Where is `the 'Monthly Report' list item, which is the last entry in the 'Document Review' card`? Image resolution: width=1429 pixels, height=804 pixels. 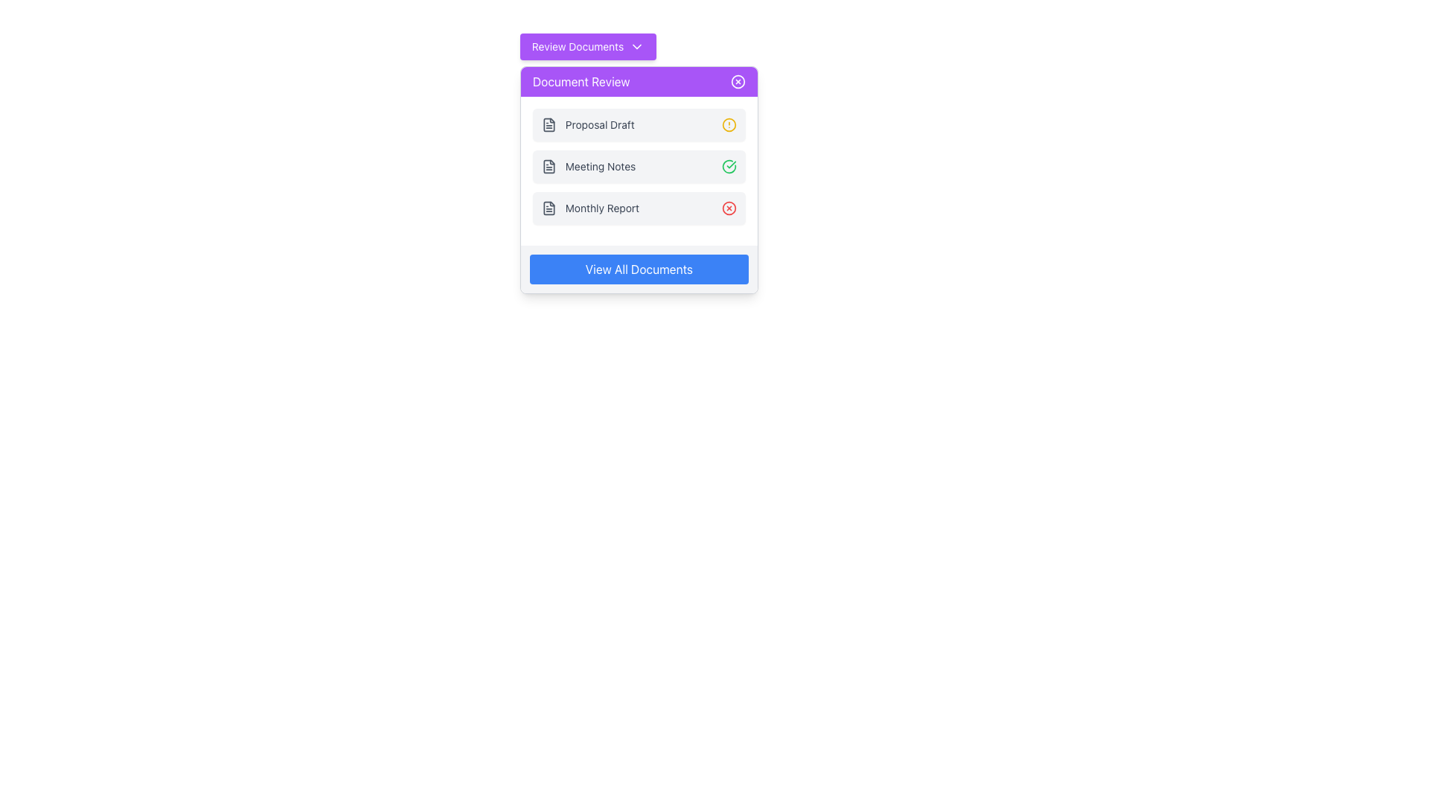 the 'Monthly Report' list item, which is the last entry in the 'Document Review' card is located at coordinates (589, 208).